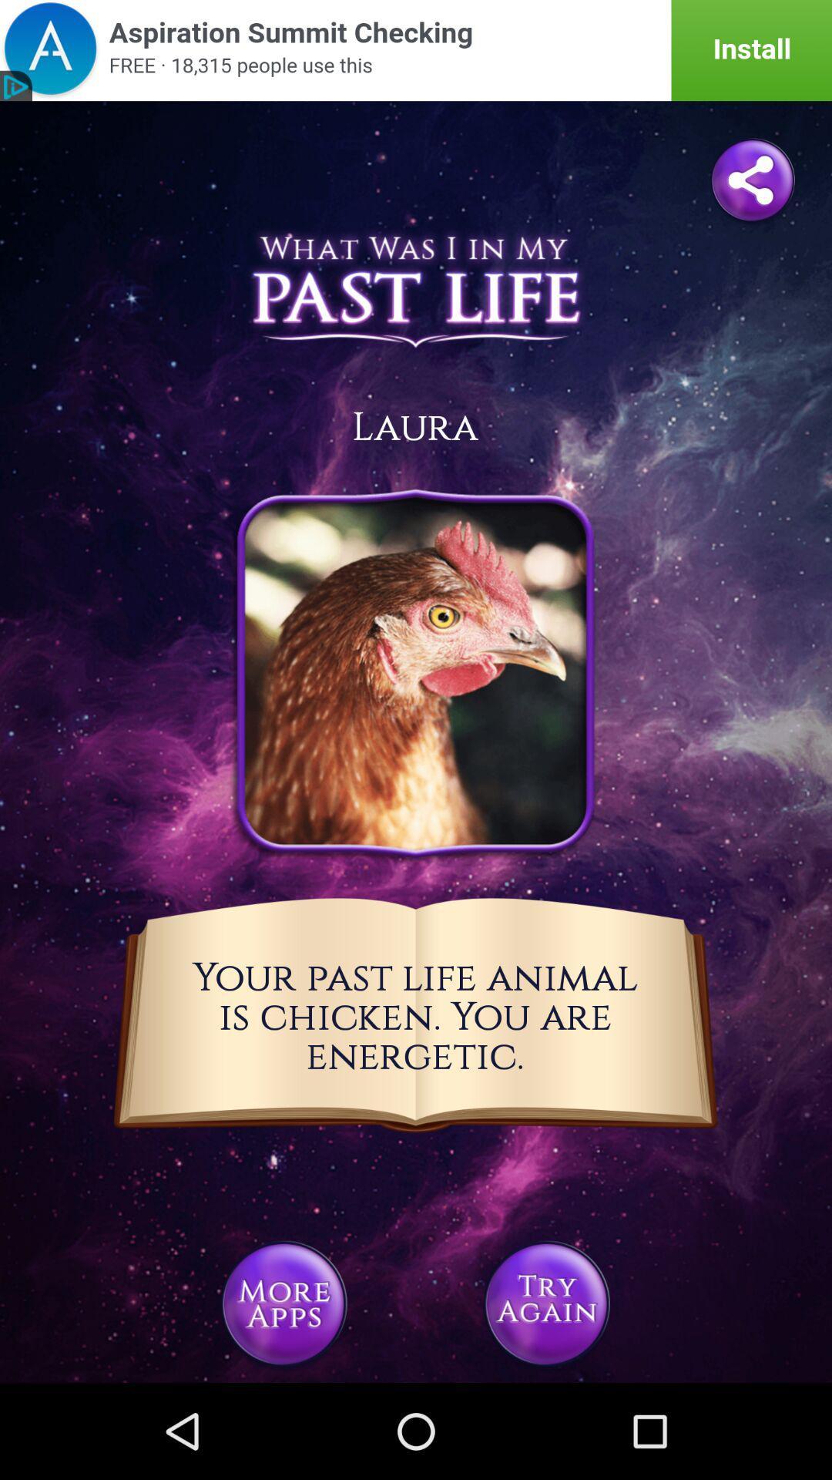 Image resolution: width=832 pixels, height=1480 pixels. Describe the element at coordinates (545, 1303) in the screenshot. I see `try again` at that location.